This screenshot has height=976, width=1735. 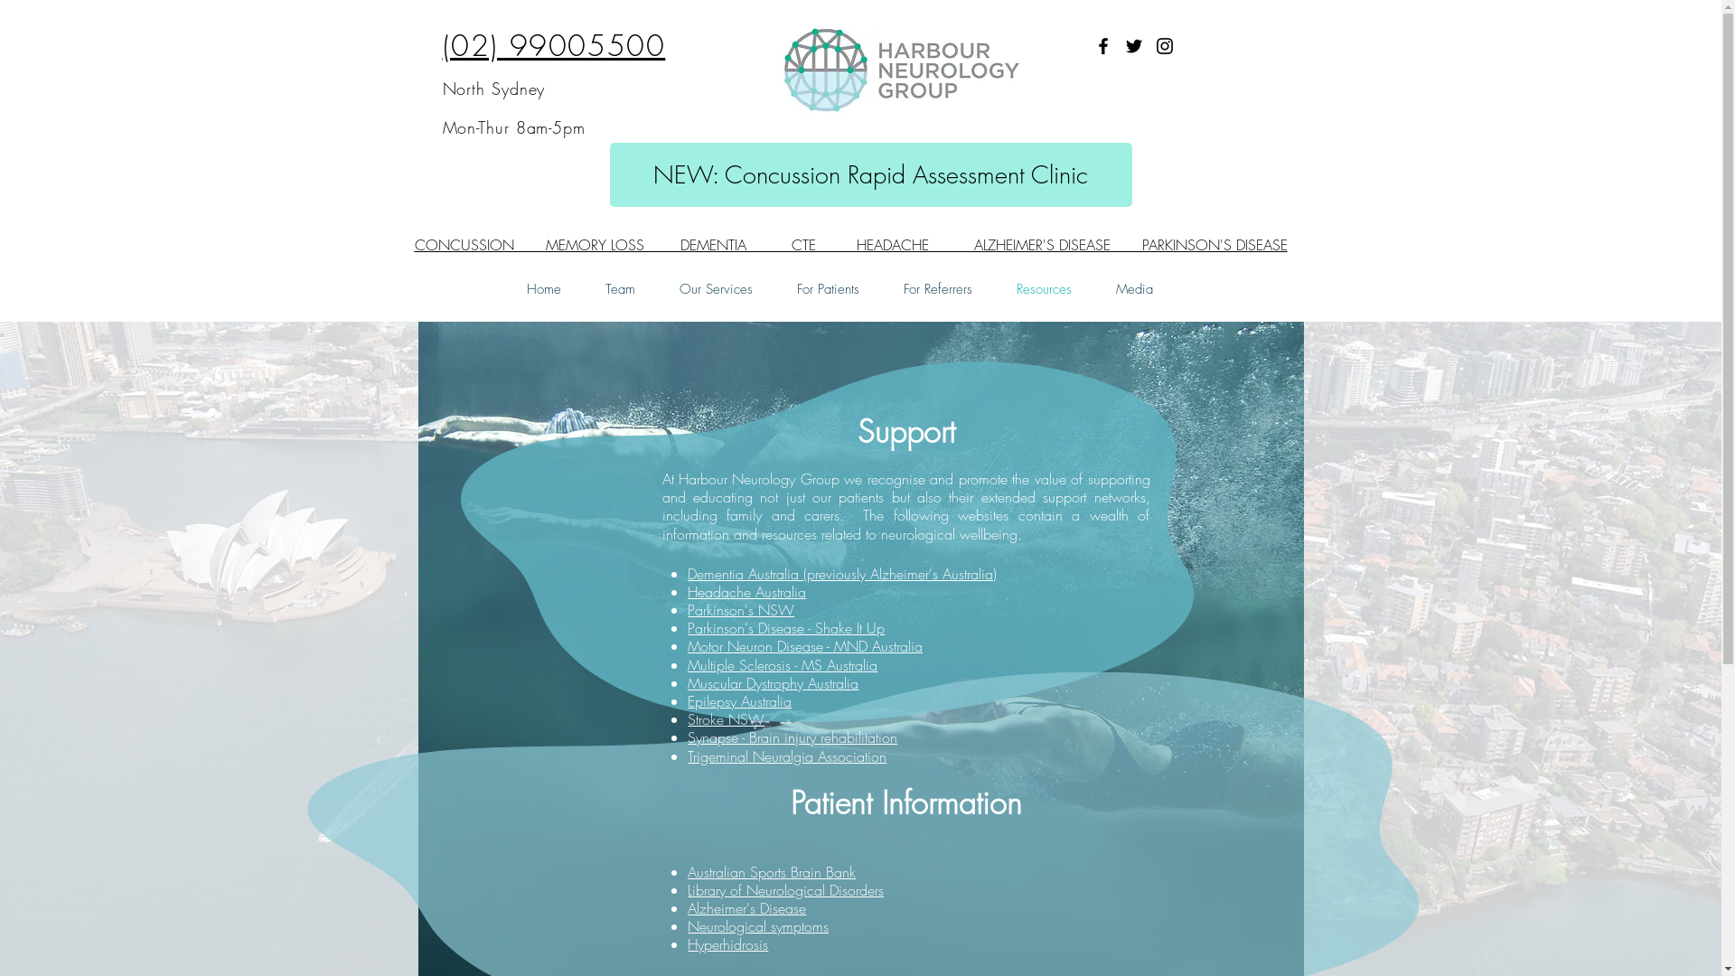 I want to click on 'Media', so click(x=1132, y=288).